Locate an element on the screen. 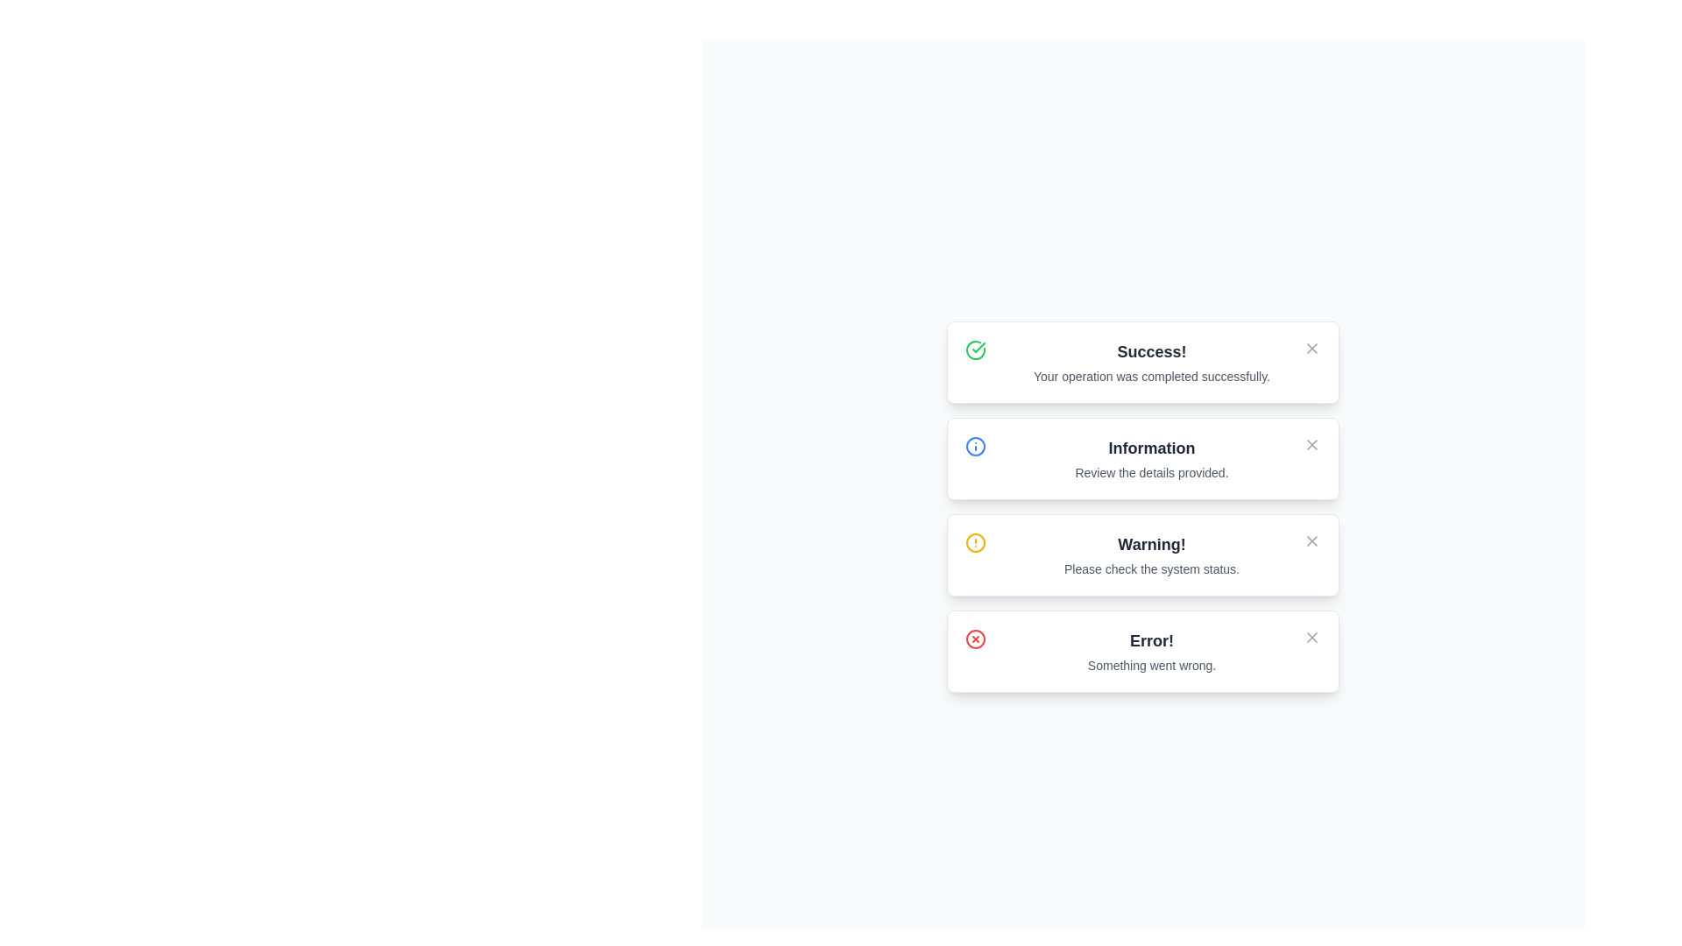 The width and height of the screenshot is (1682, 946). the Close Icon Component located in the top-right corner of the 'Success!' notification card is located at coordinates (1311, 348).